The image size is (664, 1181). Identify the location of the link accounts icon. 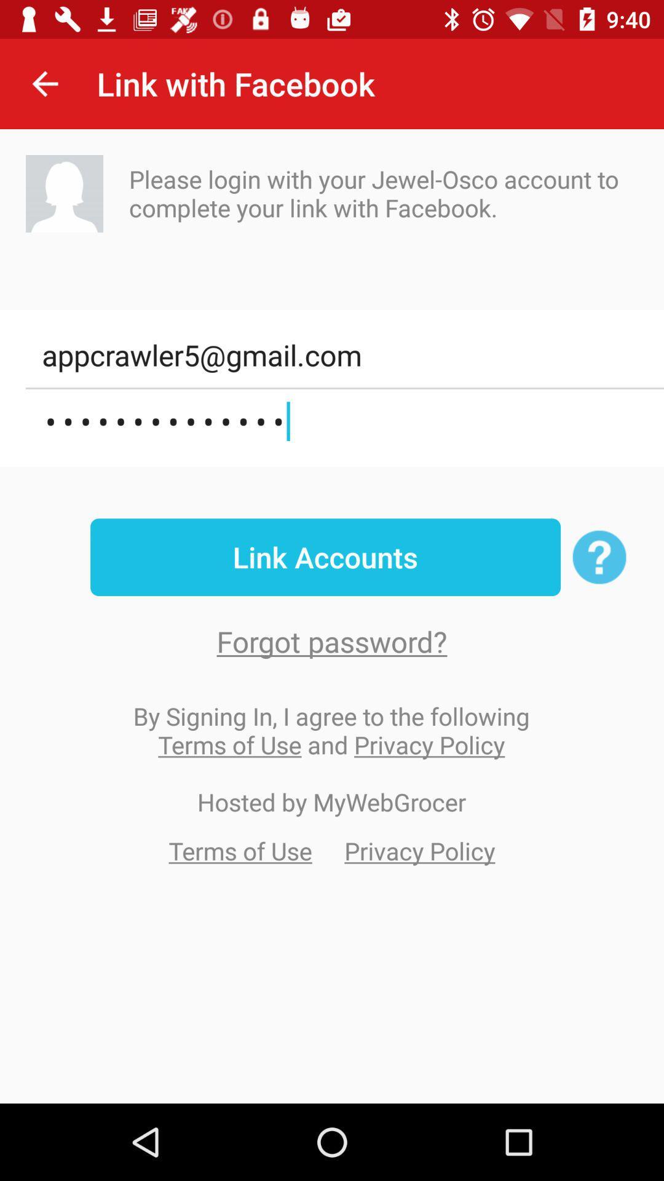
(325, 557).